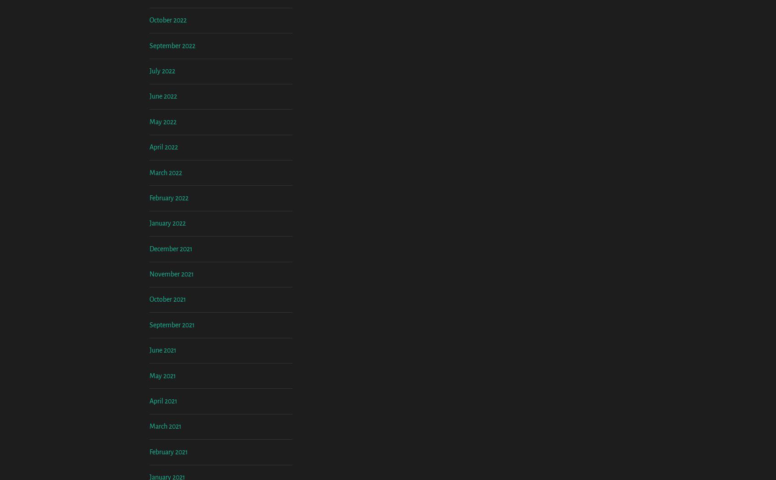  I want to click on 'May 2021', so click(162, 451).